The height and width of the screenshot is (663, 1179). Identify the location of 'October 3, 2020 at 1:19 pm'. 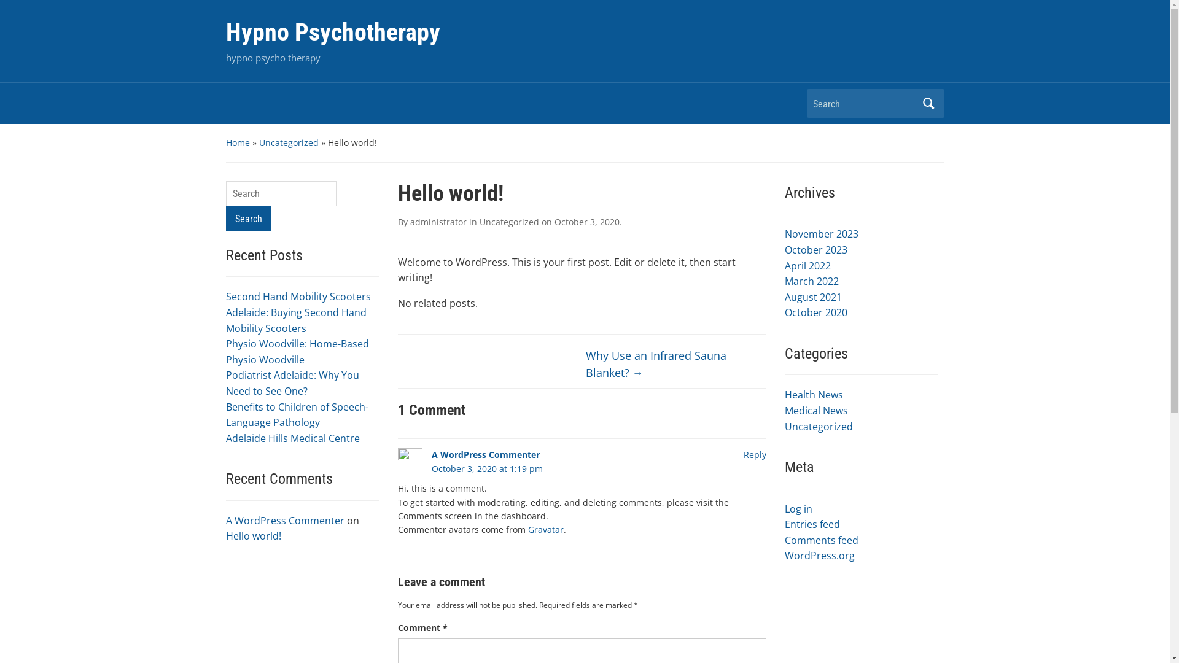
(486, 468).